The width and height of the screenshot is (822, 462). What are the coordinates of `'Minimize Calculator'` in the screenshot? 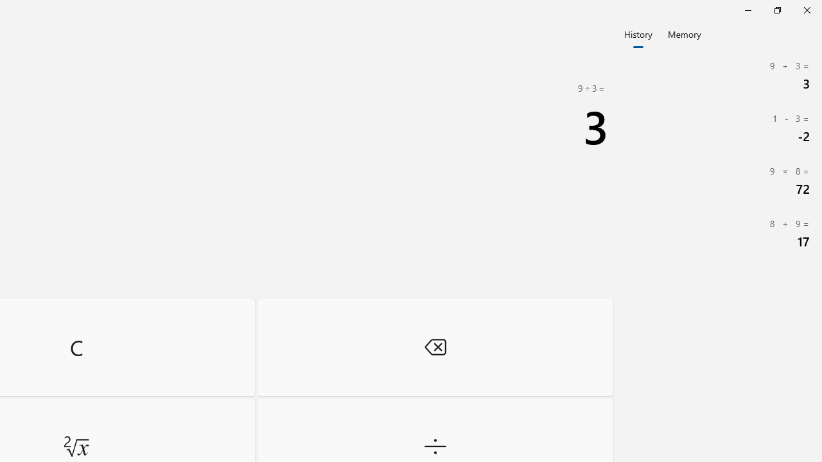 It's located at (748, 10).